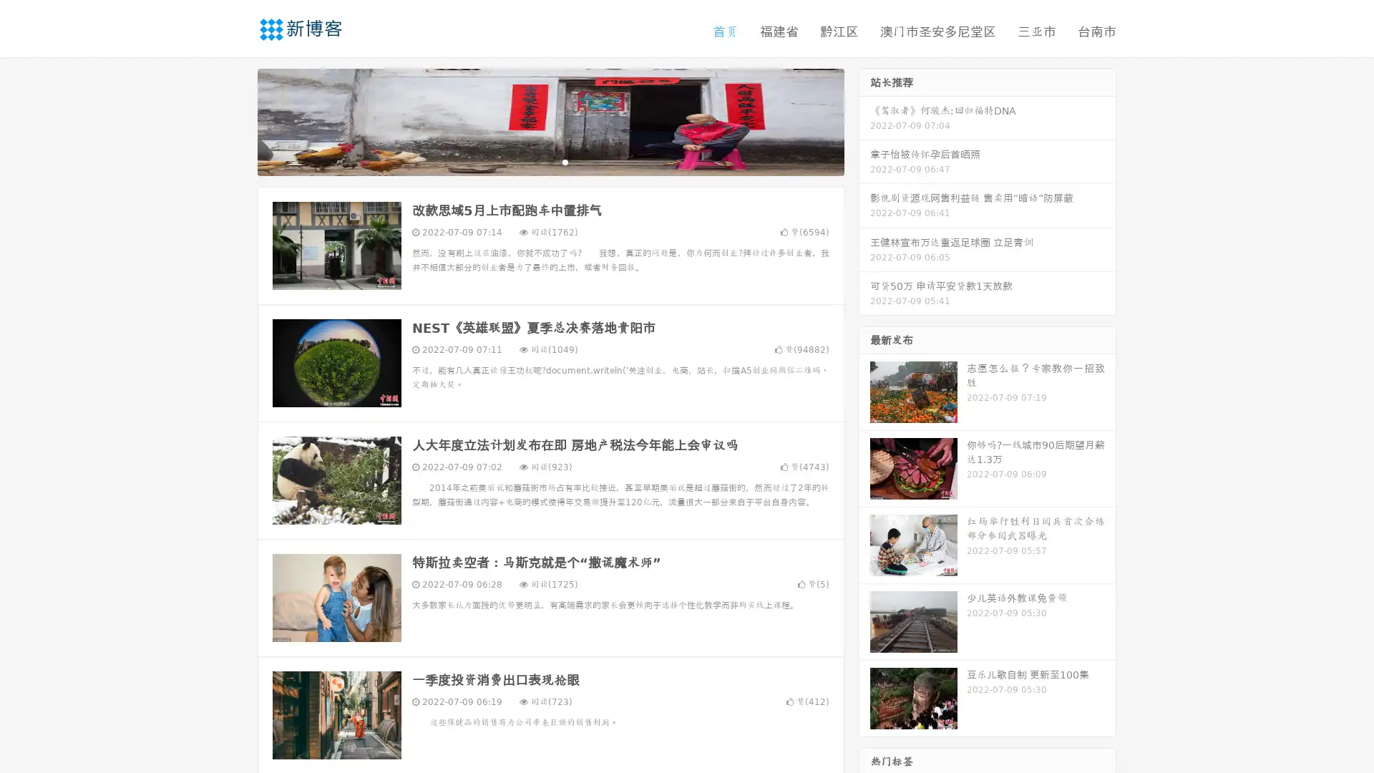  What do you see at coordinates (535, 161) in the screenshot?
I see `Go to slide 1` at bounding box center [535, 161].